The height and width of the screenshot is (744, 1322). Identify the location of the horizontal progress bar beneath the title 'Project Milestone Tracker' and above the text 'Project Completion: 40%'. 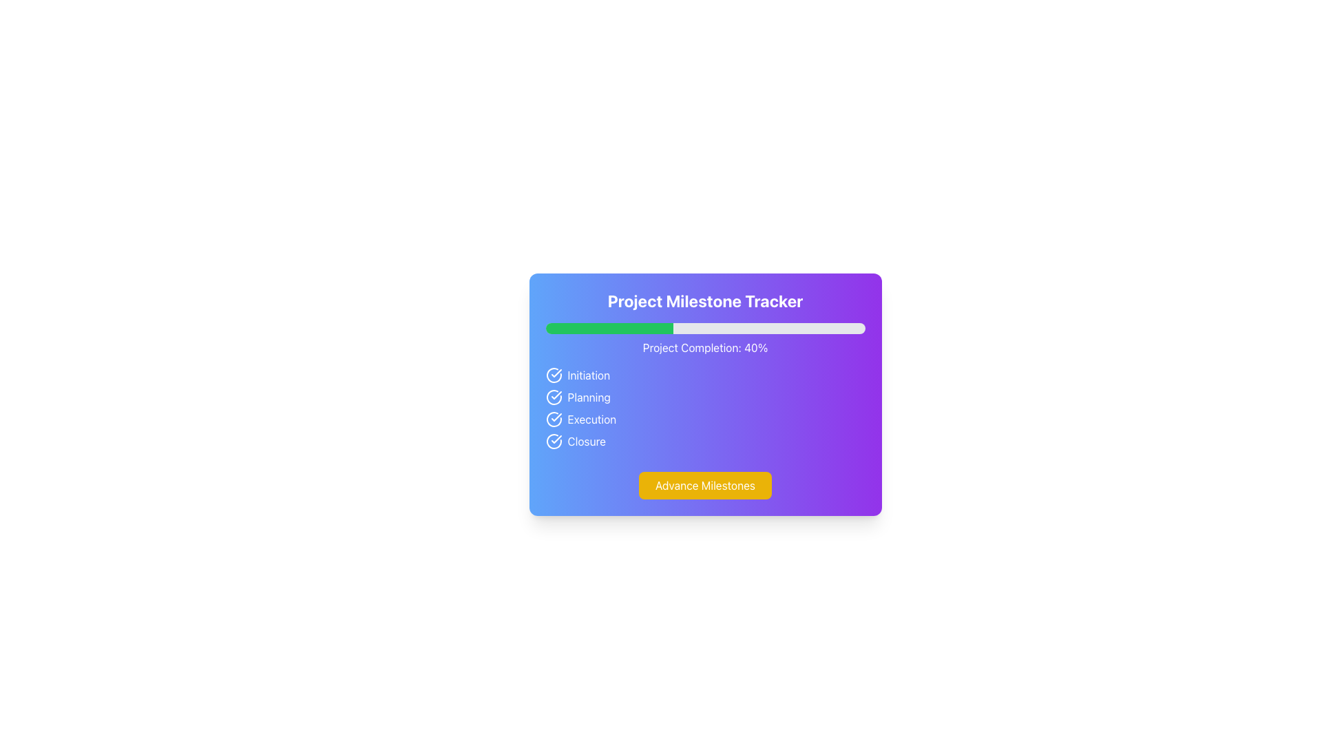
(705, 329).